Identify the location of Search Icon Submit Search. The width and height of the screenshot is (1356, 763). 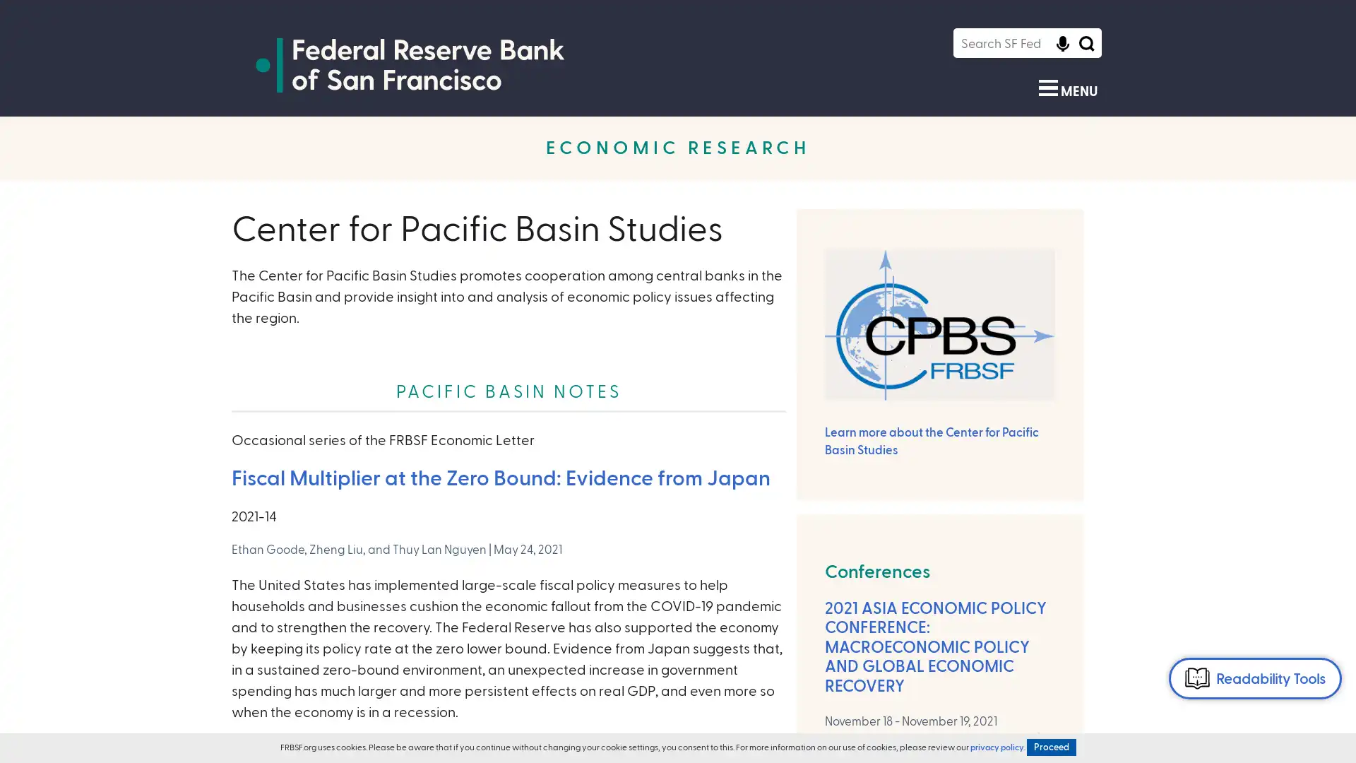
(1086, 42).